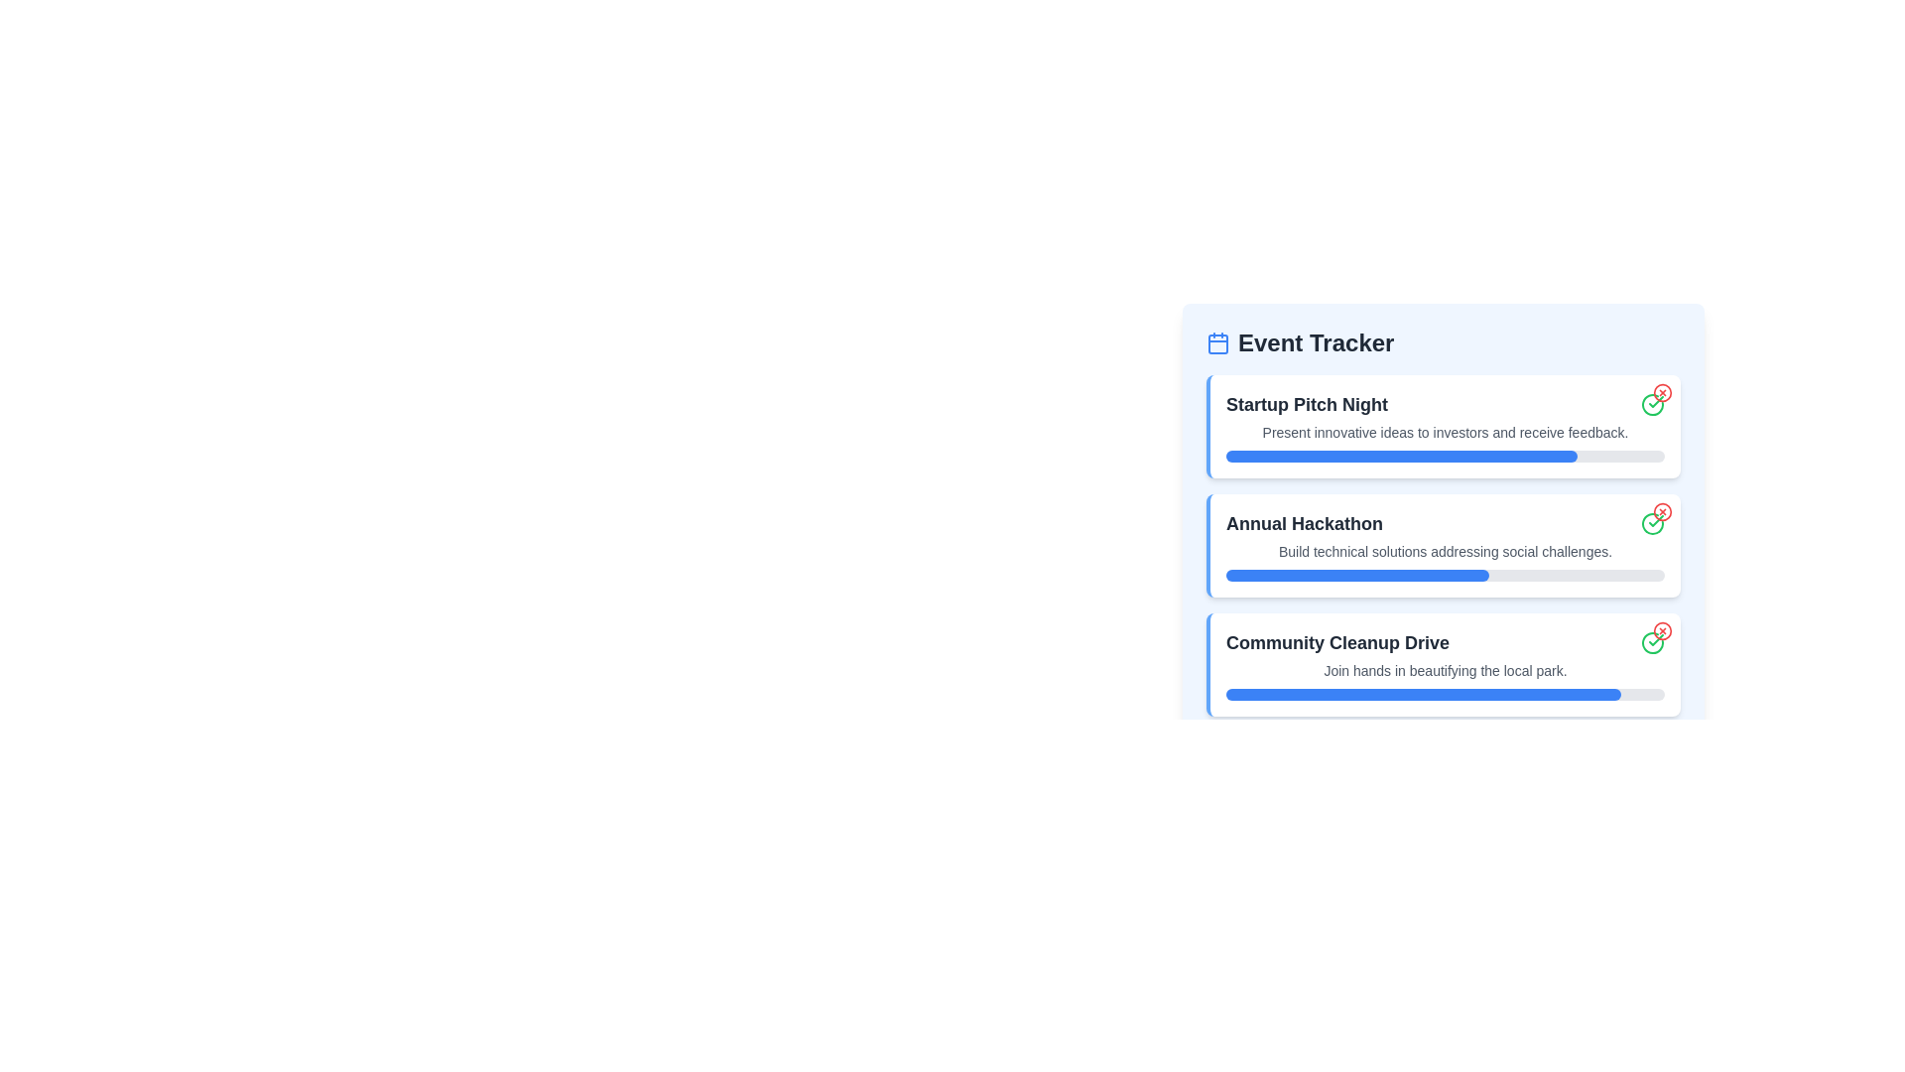  Describe the element at coordinates (1446, 693) in the screenshot. I see `the horizontal progress bar located below the text 'Join hands in beautifying the local park' within the 'Community Cleanup Drive' card` at that location.